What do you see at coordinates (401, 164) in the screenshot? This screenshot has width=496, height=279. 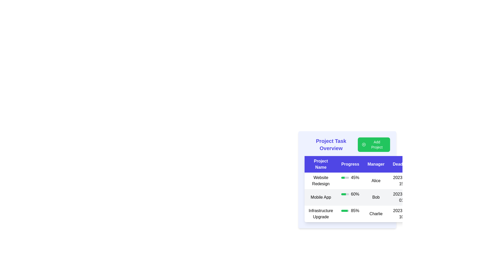 I see `the column labeled 'Deadline'` at bounding box center [401, 164].